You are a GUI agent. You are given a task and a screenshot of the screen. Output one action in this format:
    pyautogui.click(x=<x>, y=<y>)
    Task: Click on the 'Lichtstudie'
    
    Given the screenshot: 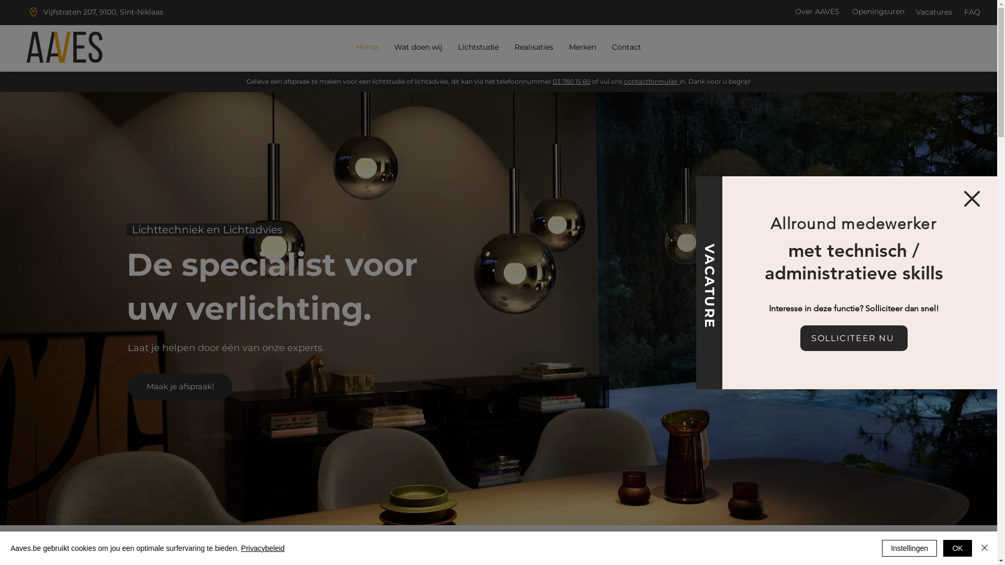 What is the action you would take?
    pyautogui.click(x=477, y=47)
    